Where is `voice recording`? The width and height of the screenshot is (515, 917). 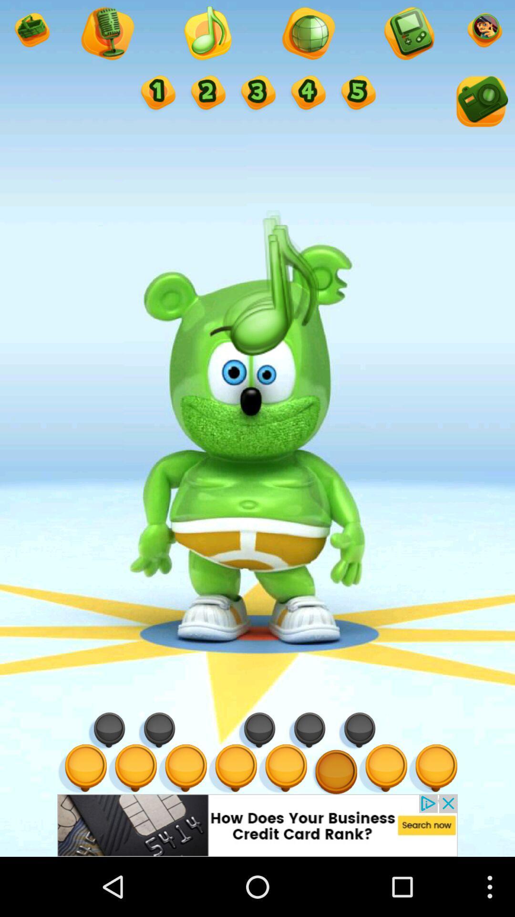
voice recording is located at coordinates (106, 34).